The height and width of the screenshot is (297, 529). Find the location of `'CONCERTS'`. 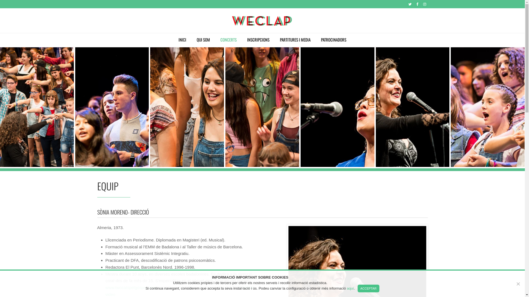

'CONCERTS' is located at coordinates (228, 40).